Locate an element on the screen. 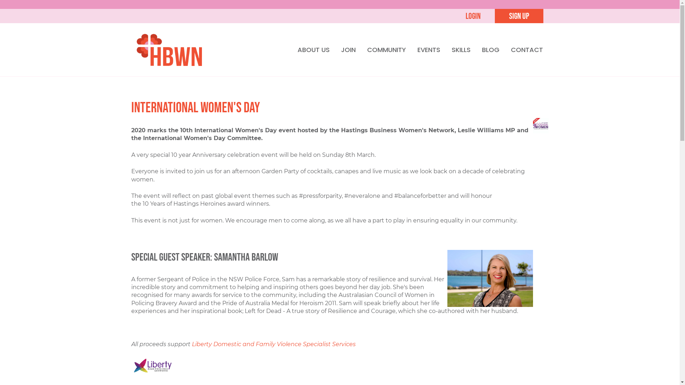  'BLOG' is located at coordinates (490, 49).